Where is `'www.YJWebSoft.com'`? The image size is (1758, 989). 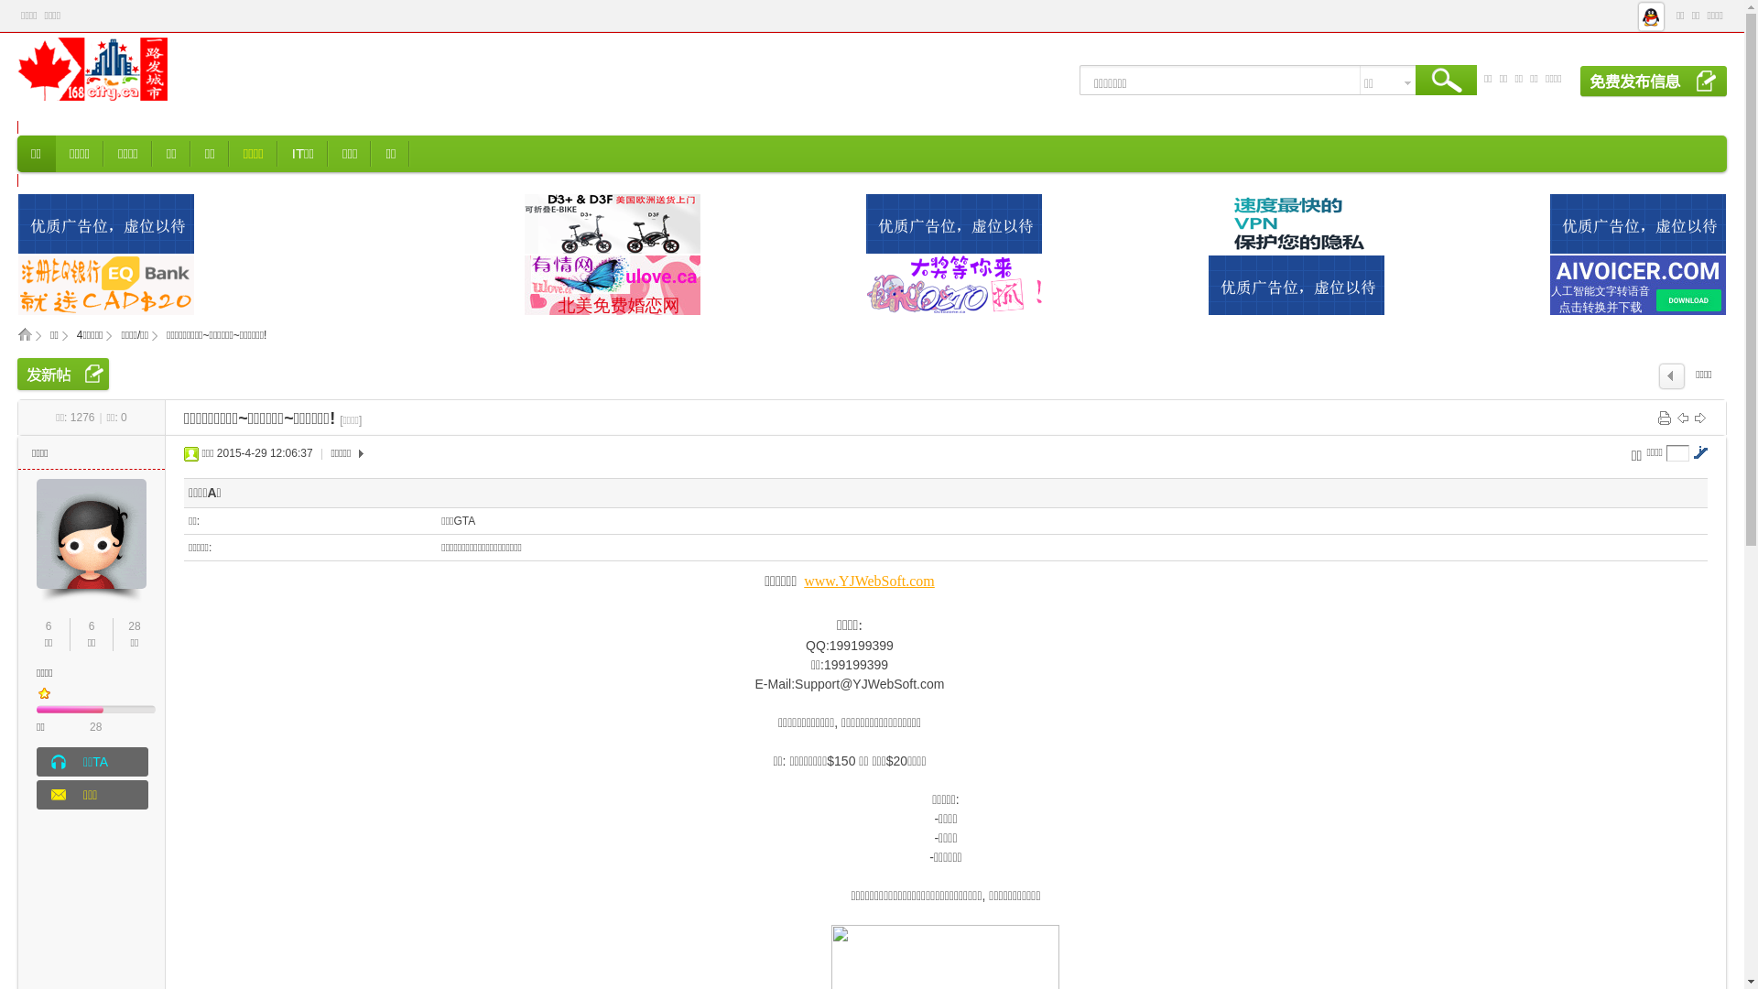 'www.YJWebSoft.com' is located at coordinates (868, 581).